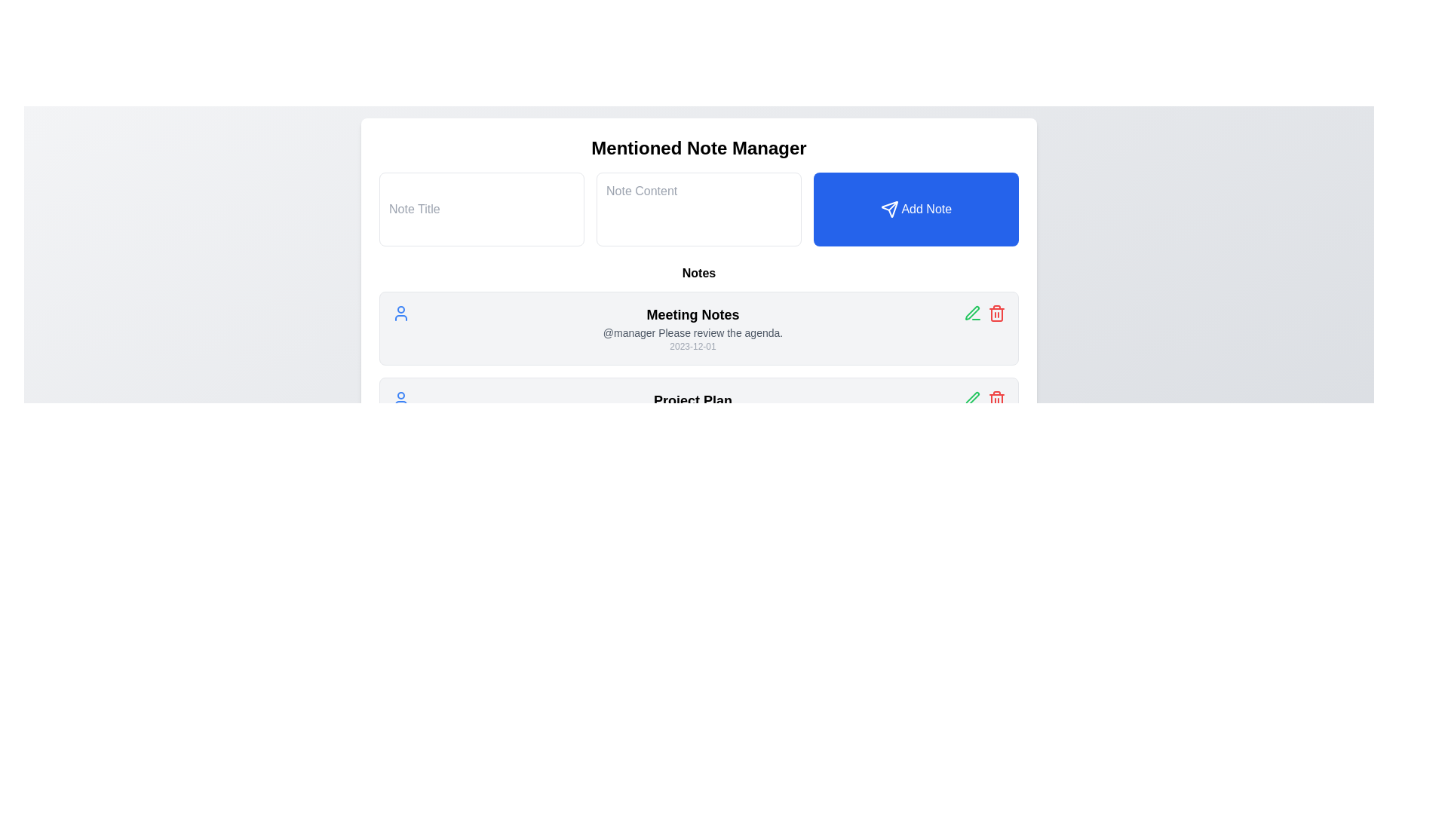 Image resolution: width=1448 pixels, height=814 pixels. What do you see at coordinates (692, 346) in the screenshot?
I see `the timestamp text label located at the bottom of the 'Meeting Notes' section, just below the message '@manager Please review the agenda.'` at bounding box center [692, 346].